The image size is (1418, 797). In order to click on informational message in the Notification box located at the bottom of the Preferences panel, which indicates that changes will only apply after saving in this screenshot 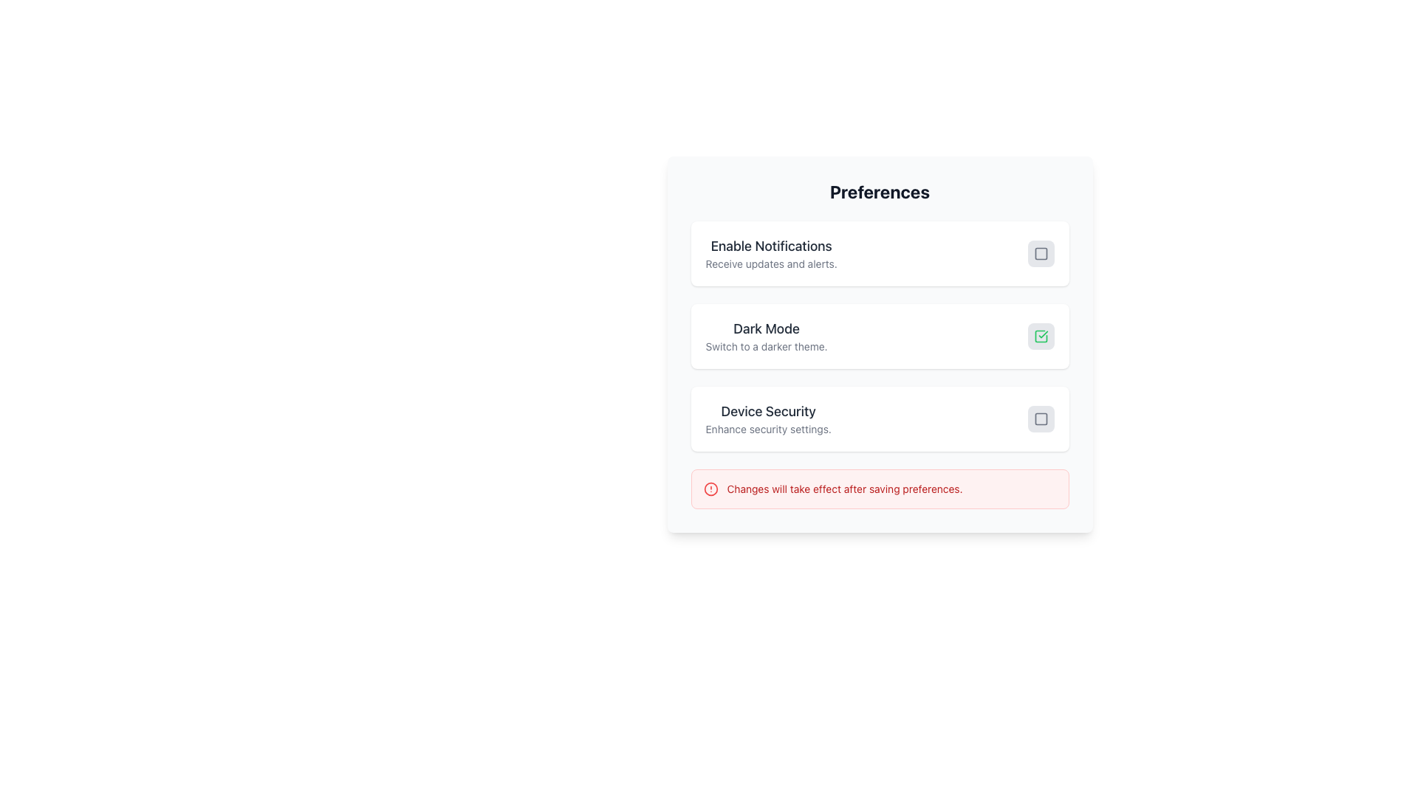, I will do `click(880, 489)`.